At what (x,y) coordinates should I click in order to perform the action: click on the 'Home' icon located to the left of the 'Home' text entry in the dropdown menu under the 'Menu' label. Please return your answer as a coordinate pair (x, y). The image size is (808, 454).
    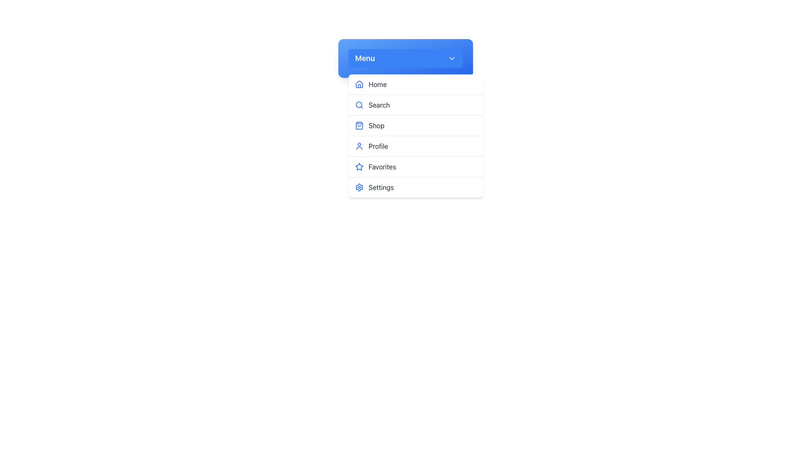
    Looking at the image, I should click on (359, 84).